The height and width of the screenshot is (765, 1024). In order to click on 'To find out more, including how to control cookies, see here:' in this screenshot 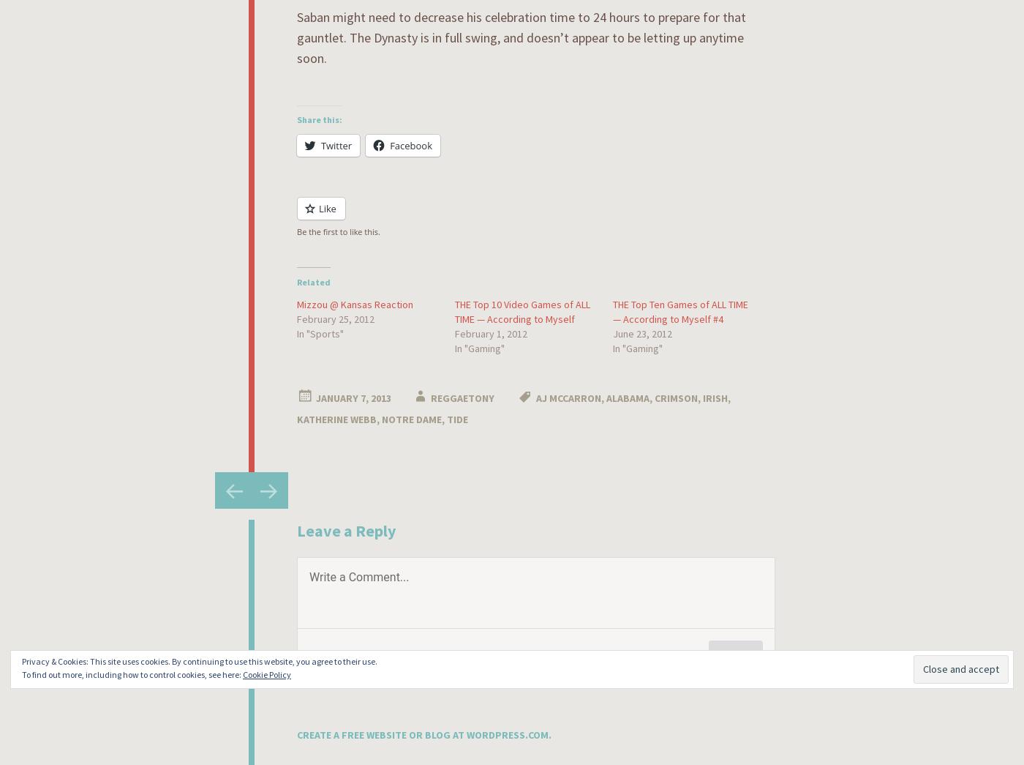, I will do `click(132, 674)`.